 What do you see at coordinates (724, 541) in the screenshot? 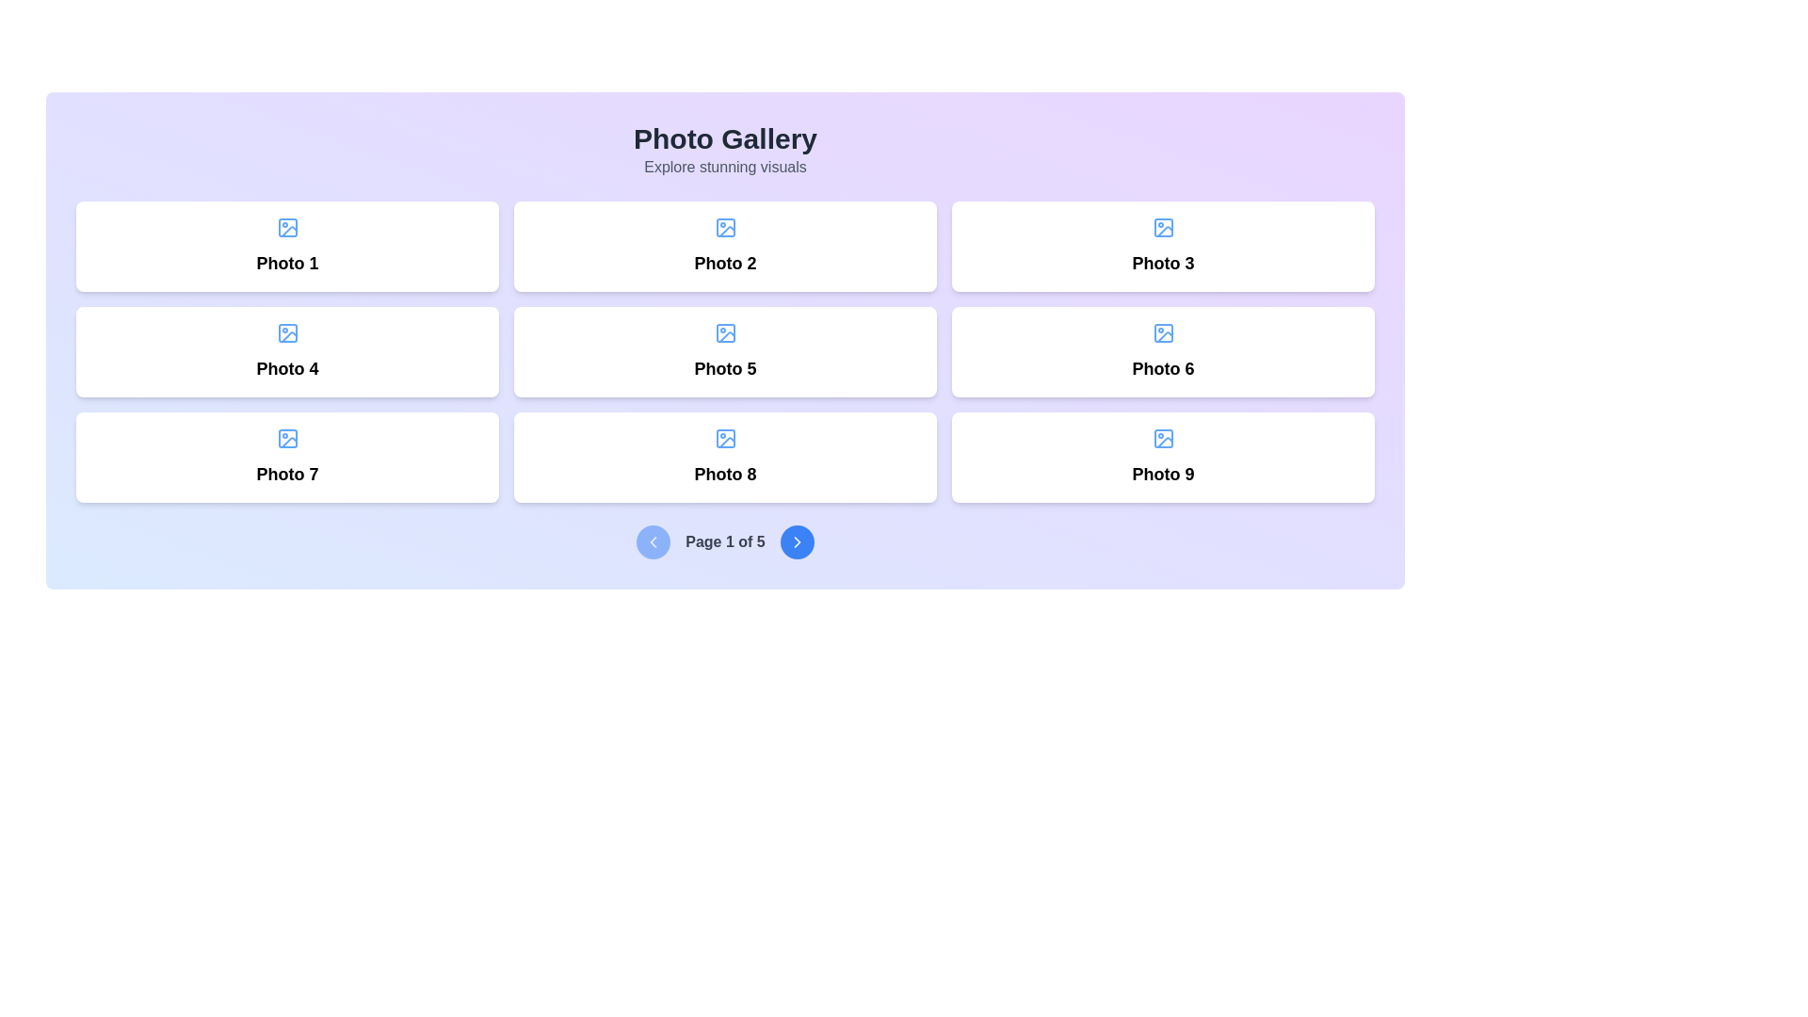
I see `the text label displaying 'Page 1 of 5', which is styled with gray color and bold font, located at the bottom of the interface between two blue circular navigation buttons` at bounding box center [724, 541].